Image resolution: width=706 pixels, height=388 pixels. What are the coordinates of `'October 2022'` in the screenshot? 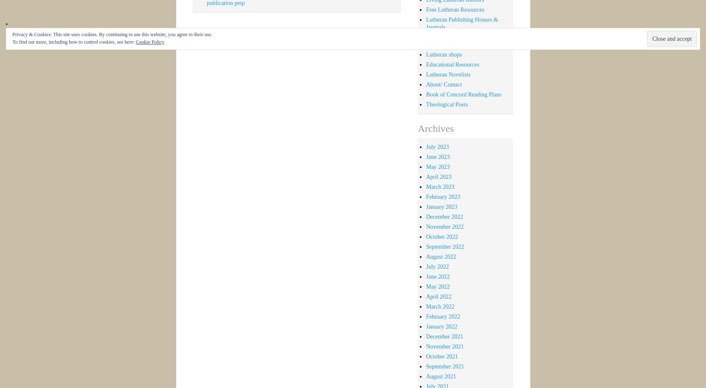 It's located at (442, 236).